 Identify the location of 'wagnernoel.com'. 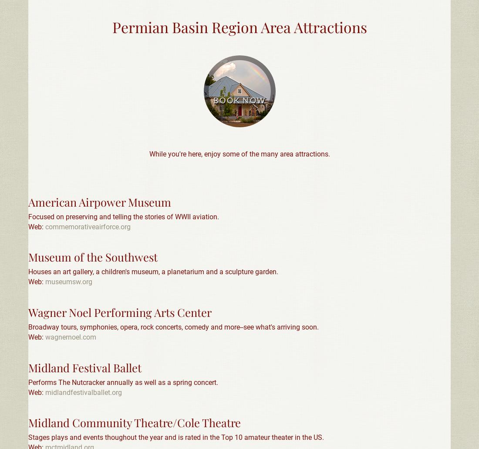
(45, 337).